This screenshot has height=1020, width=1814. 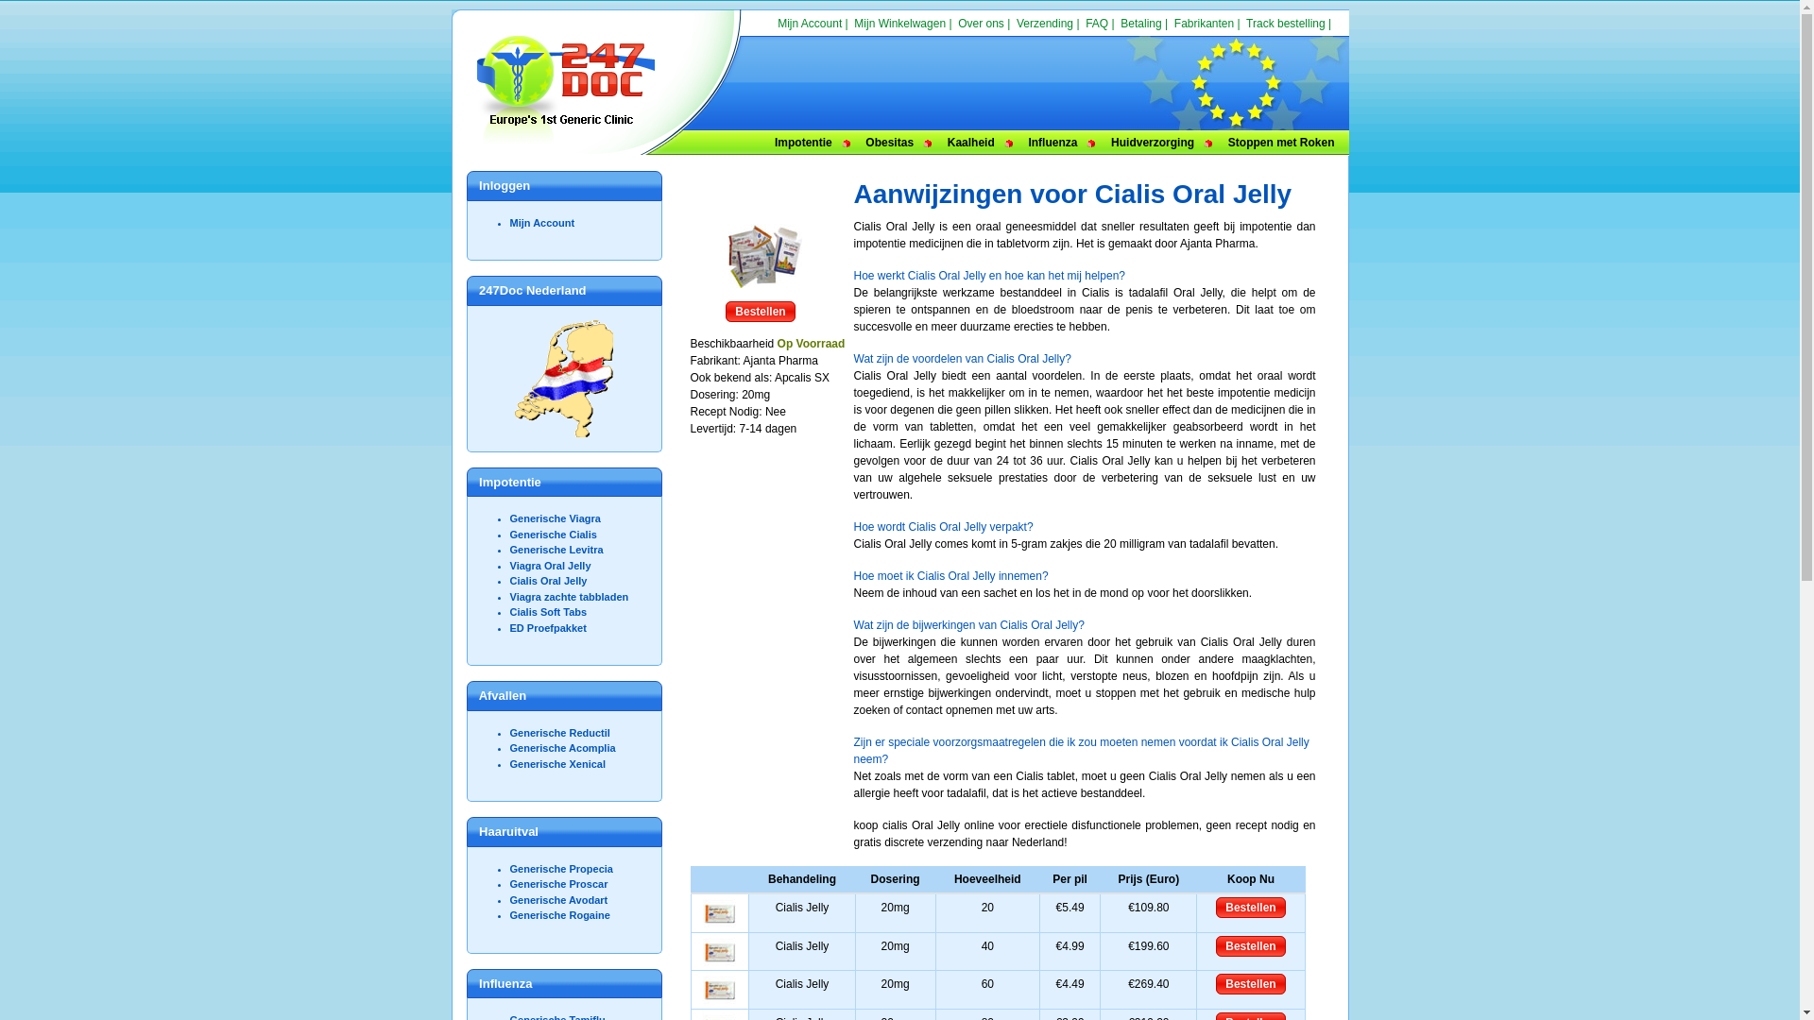 What do you see at coordinates (555, 518) in the screenshot?
I see `'Generische Viagra'` at bounding box center [555, 518].